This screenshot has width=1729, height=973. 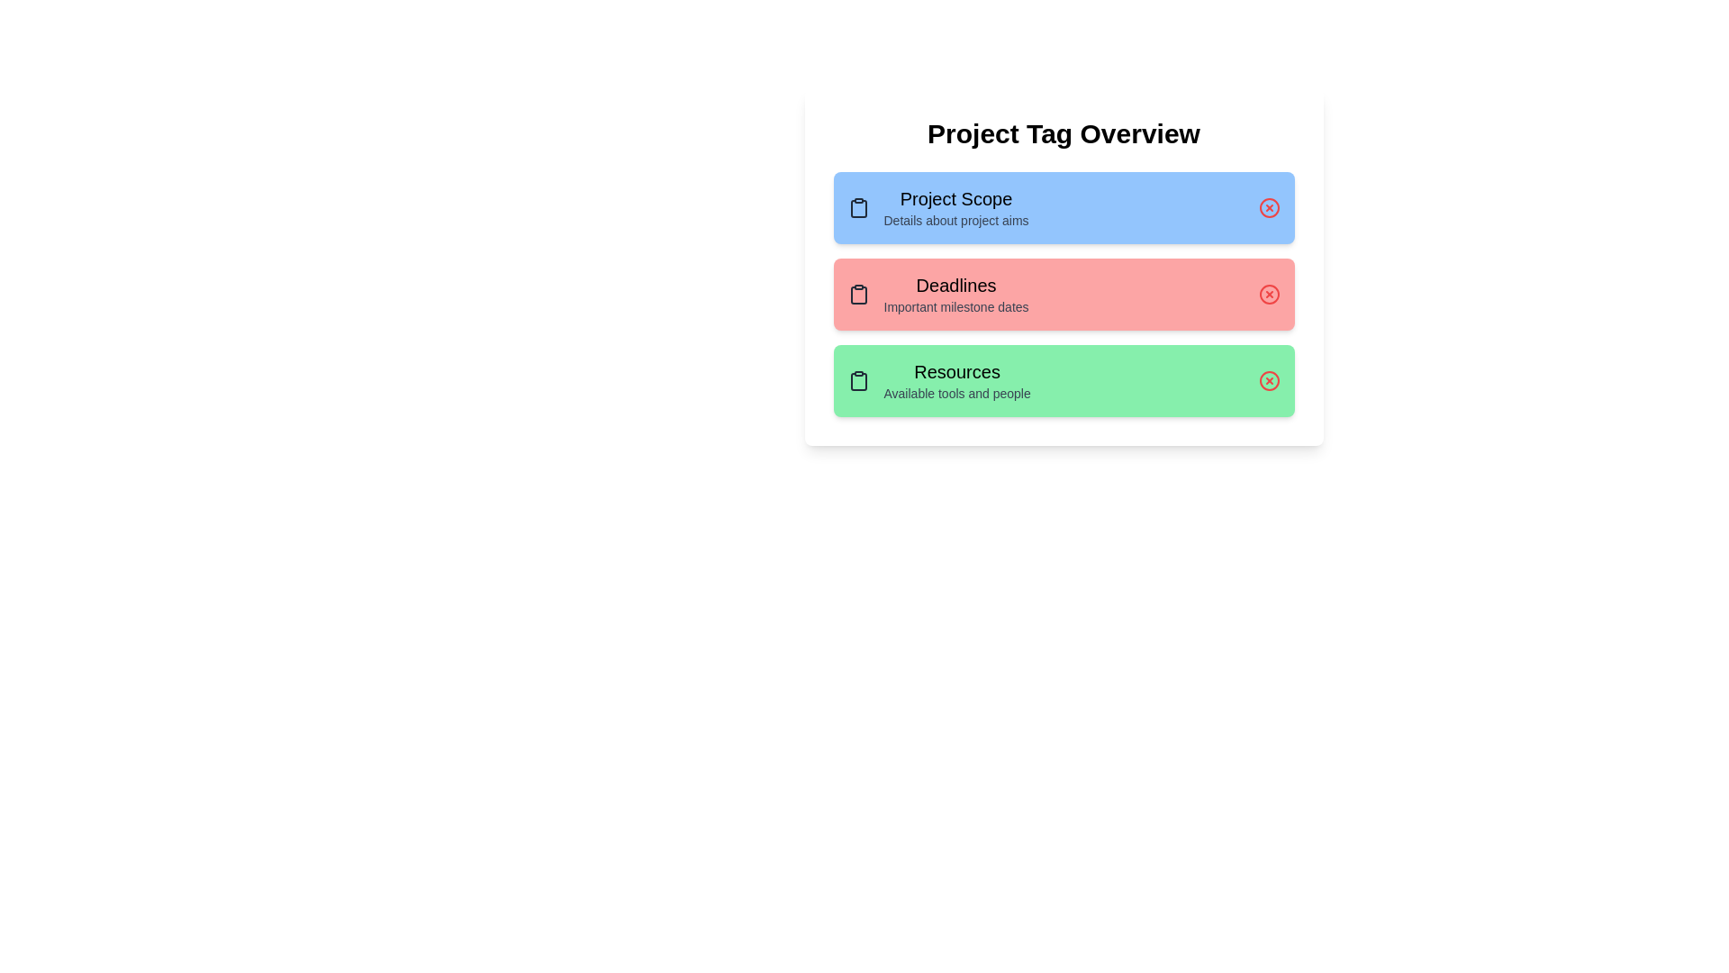 I want to click on the delete button for the tag labeled 'Resources' to remove it, so click(x=1268, y=380).